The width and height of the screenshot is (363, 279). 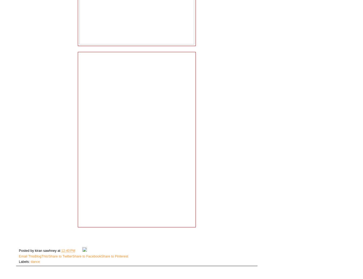 I want to click on 'Share to Facebook', so click(x=87, y=256).